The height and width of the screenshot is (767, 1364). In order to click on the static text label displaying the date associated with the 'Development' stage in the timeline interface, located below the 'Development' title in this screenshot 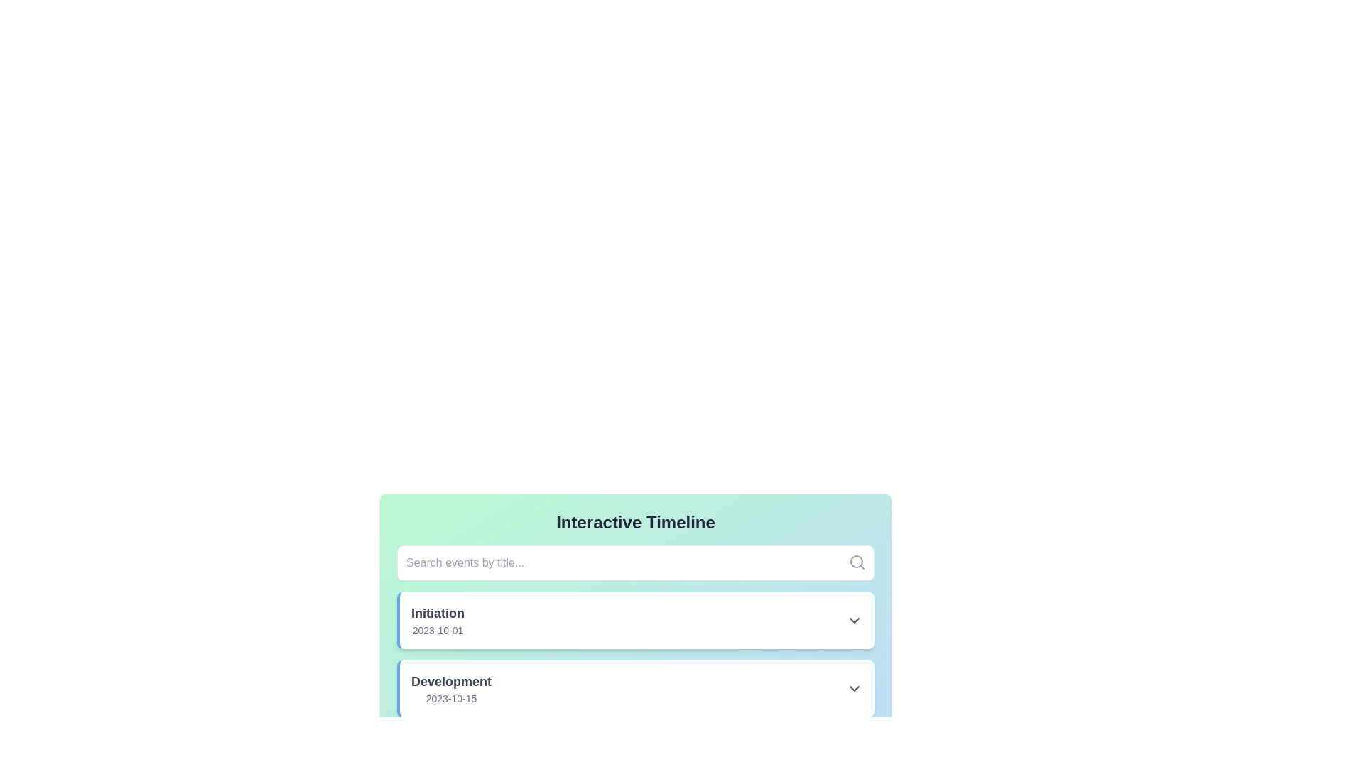, I will do `click(450, 697)`.